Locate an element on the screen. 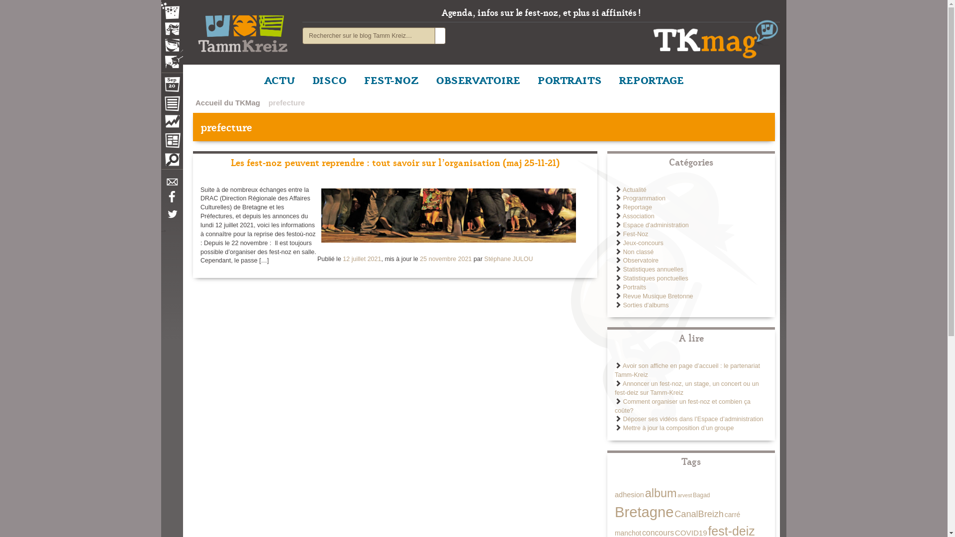  'PORTRAITS' is located at coordinates (570, 79).